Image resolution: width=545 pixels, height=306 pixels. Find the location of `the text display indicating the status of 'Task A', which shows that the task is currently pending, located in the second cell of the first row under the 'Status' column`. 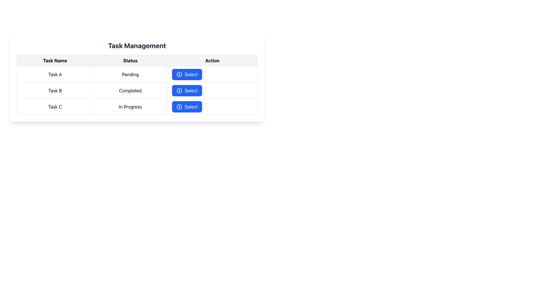

the text display indicating the status of 'Task A', which shows that the task is currently pending, located in the second cell of the first row under the 'Status' column is located at coordinates (130, 74).